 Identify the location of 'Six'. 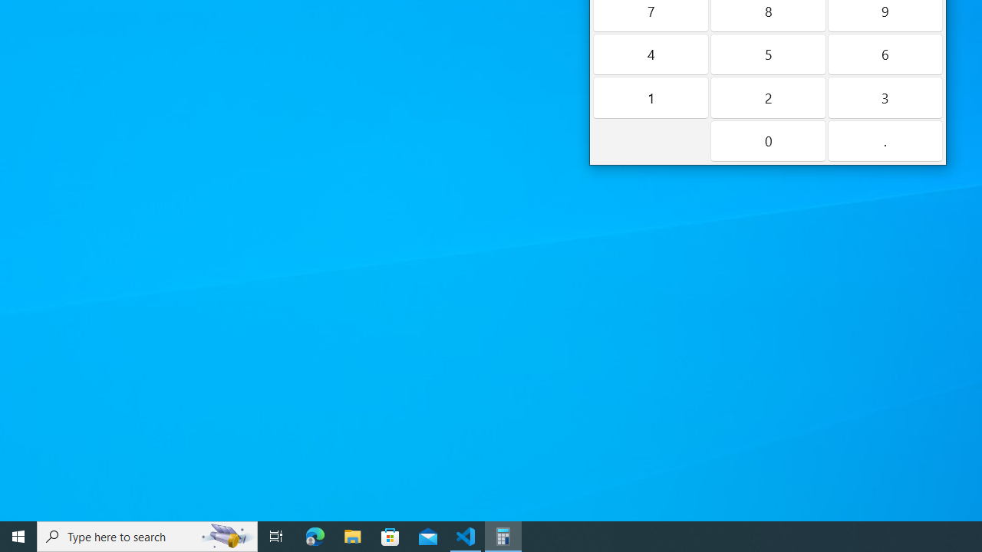
(885, 53).